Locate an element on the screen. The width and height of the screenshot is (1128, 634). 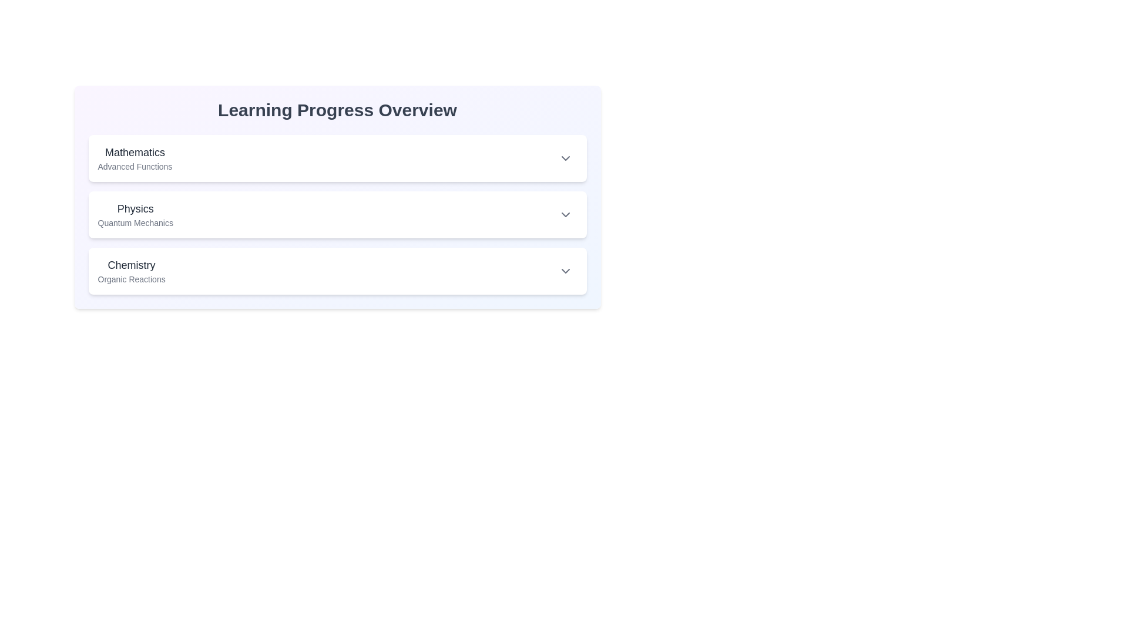
the text block displaying the subject title 'Chemistry' and its description 'Organic Reactions', which is located in the third section of the learning topics list, above an interactive area with an arrow is located at coordinates (132, 271).